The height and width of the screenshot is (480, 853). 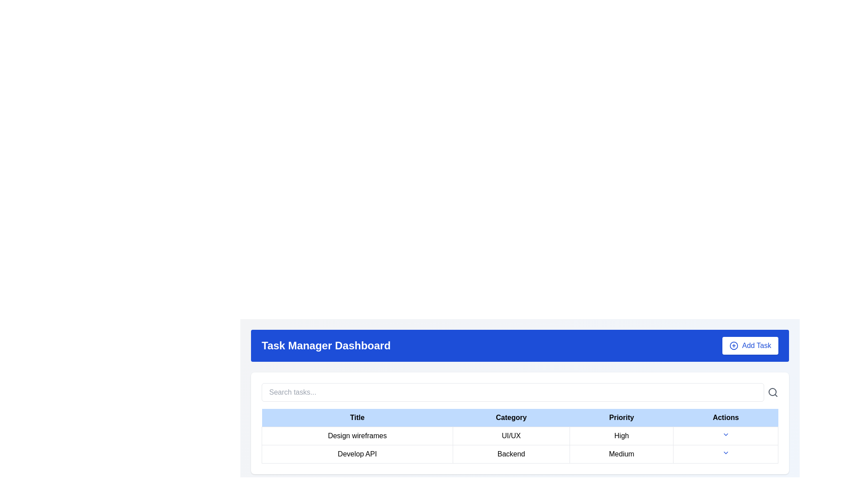 I want to click on the table header row with a light blue background containing the headings 'Title', 'Category', 'Priority', and 'Actions', so click(x=520, y=418).